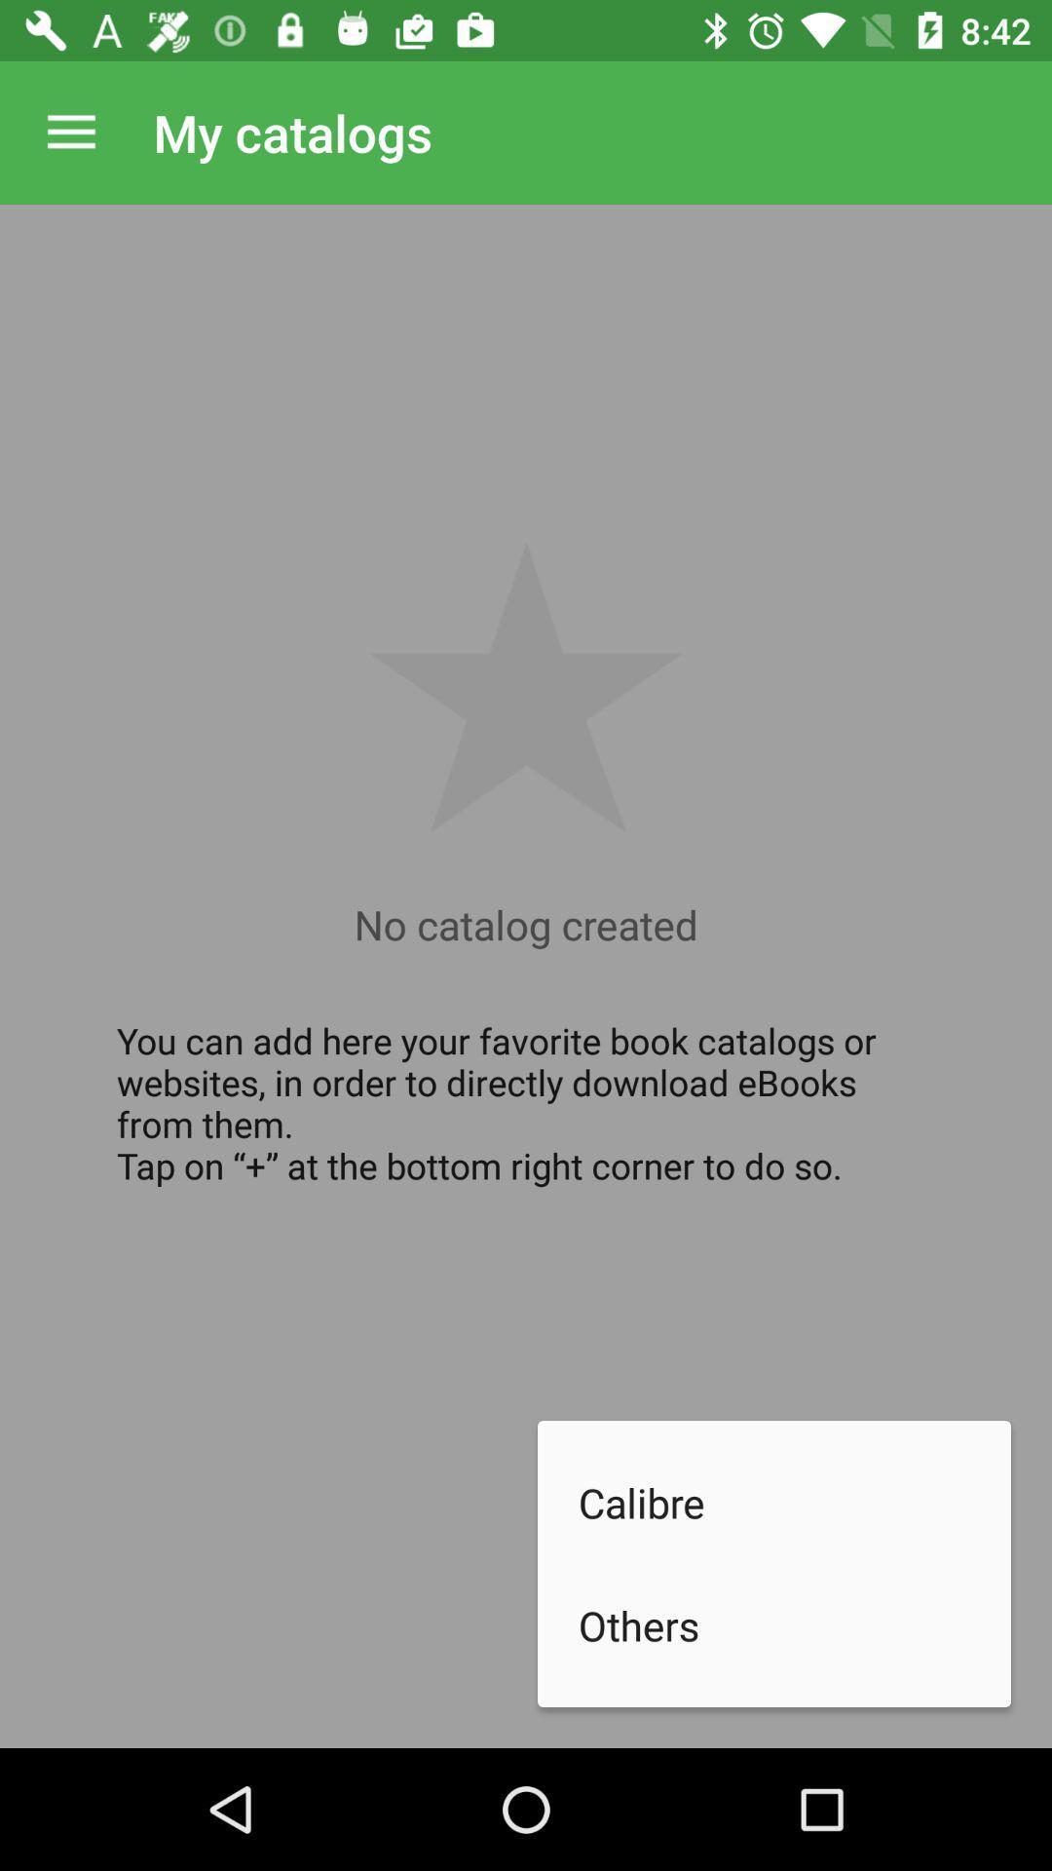 The image size is (1052, 1871). What do you see at coordinates (795, 1625) in the screenshot?
I see `others` at bounding box center [795, 1625].